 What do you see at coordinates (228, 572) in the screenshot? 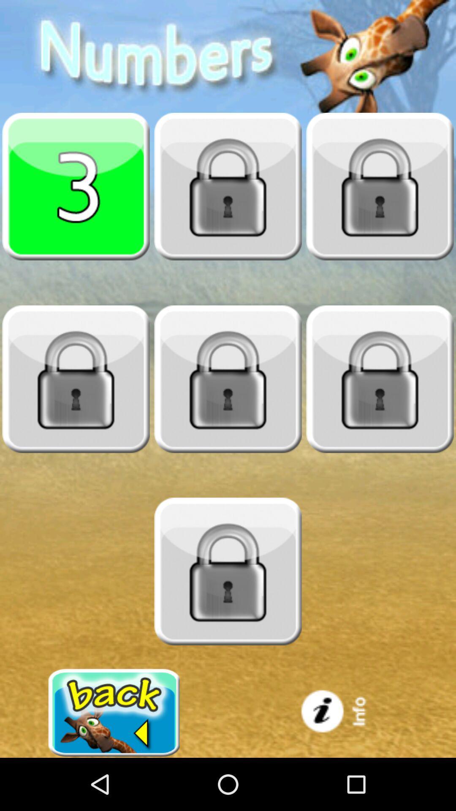
I see `locked` at bounding box center [228, 572].